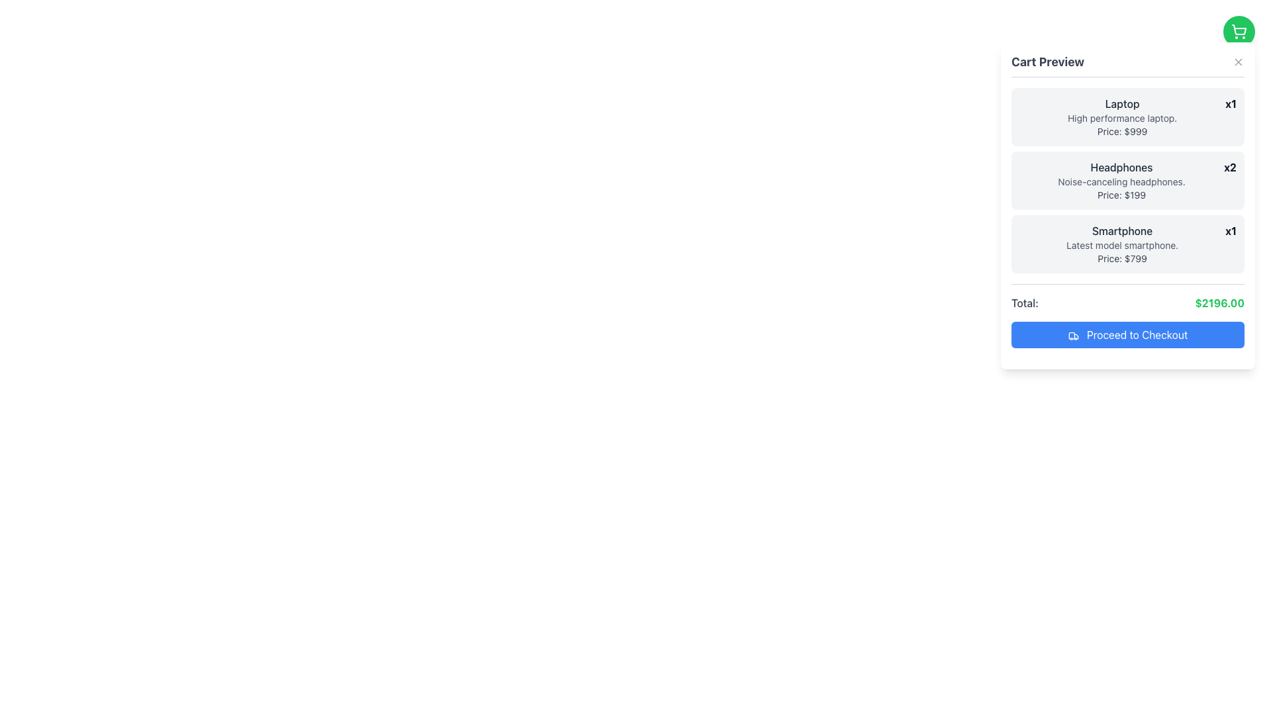 This screenshot has width=1271, height=715. I want to click on the text label that provides detailed information about the product 'Smartphone', positioned between the title 'Smartphone' and the price information 'Price: $799', so click(1121, 245).